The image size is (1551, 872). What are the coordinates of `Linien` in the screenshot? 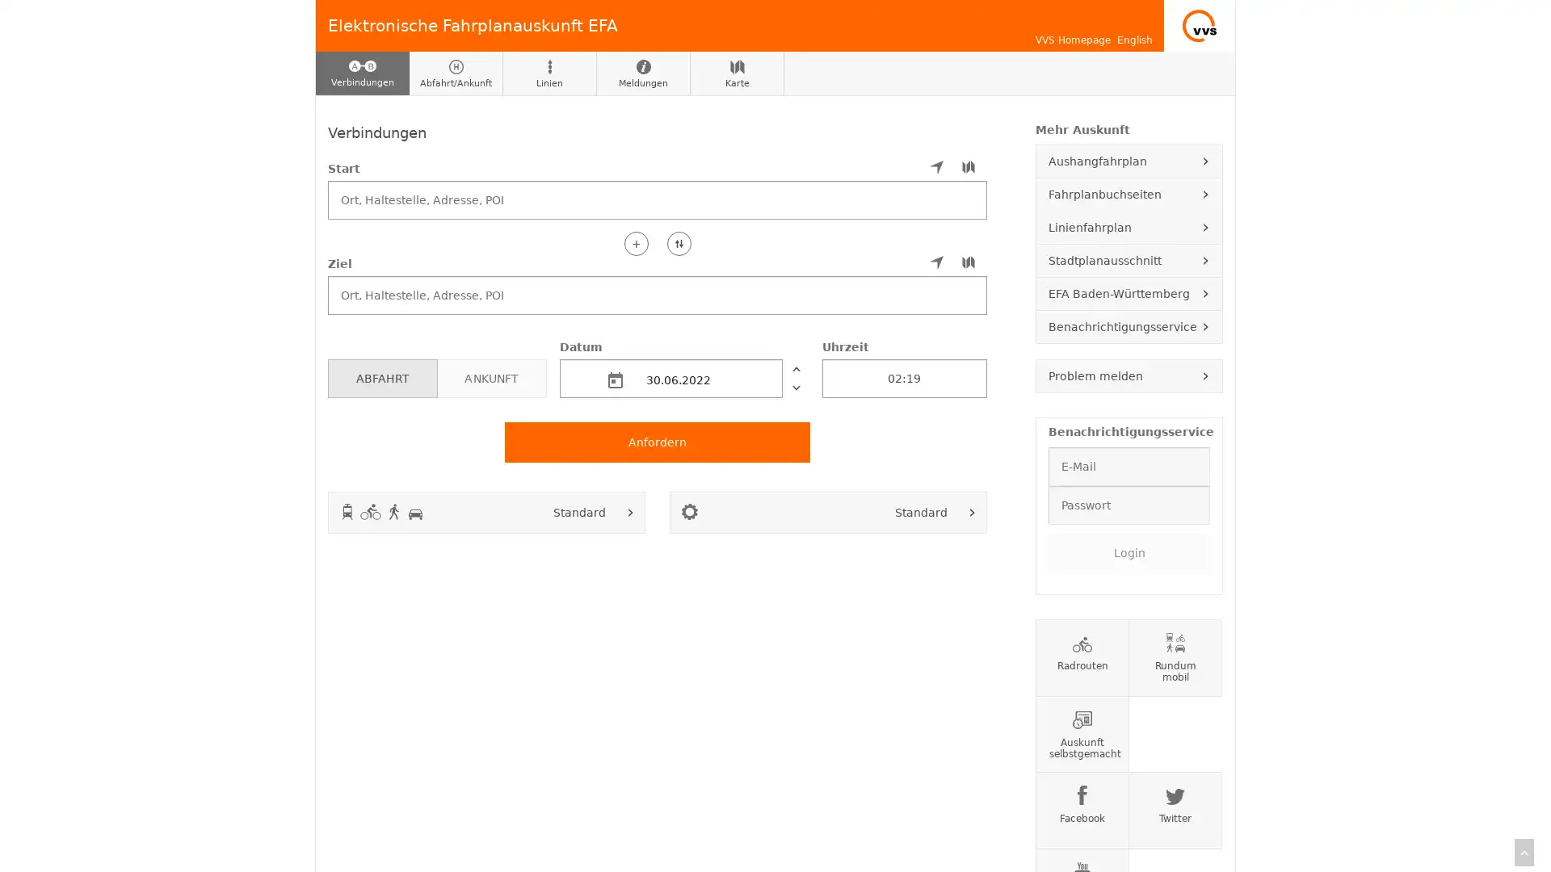 It's located at (550, 73).